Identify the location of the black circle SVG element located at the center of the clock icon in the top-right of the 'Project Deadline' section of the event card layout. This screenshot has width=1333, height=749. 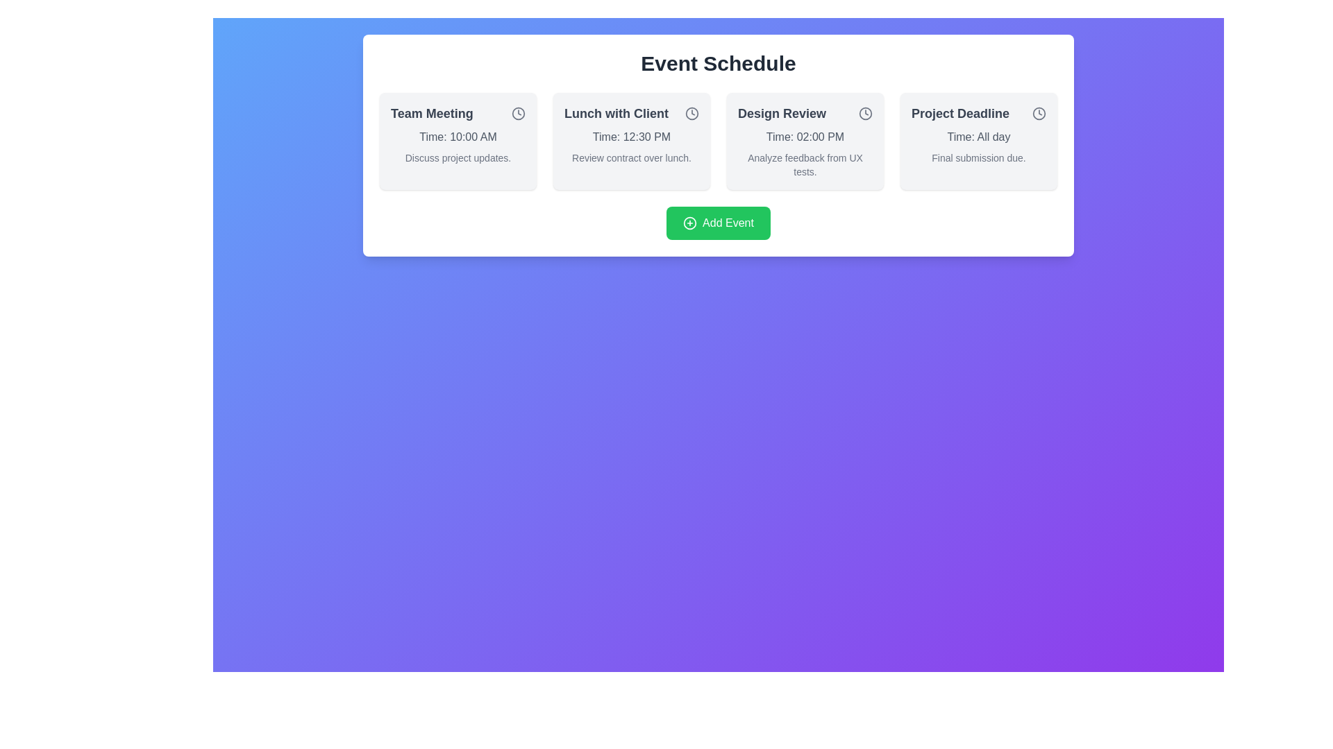
(1039, 113).